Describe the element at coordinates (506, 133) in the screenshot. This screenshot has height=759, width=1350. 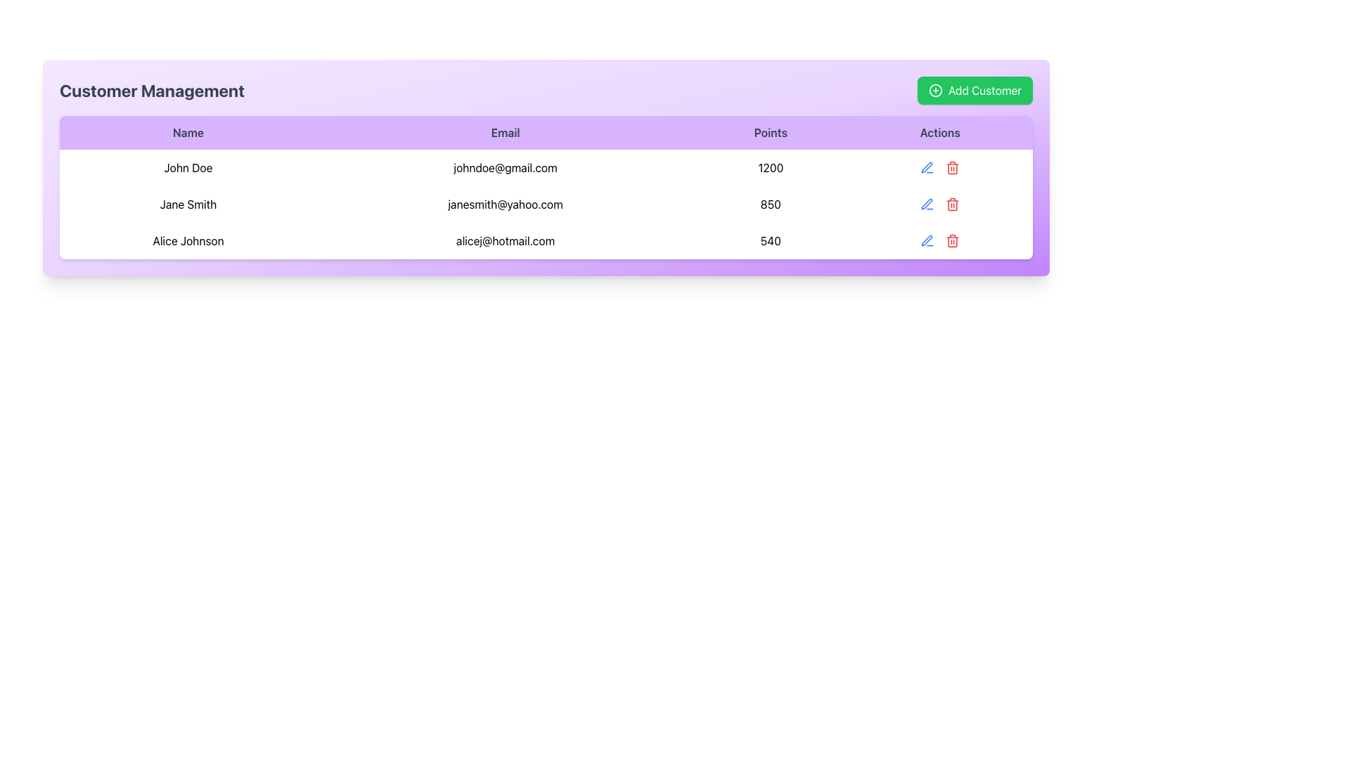
I see `the 'Email' label, which displays the word 'Email' in a bold font on a light purple background and is located between the 'Name' and 'Points' elements` at that location.